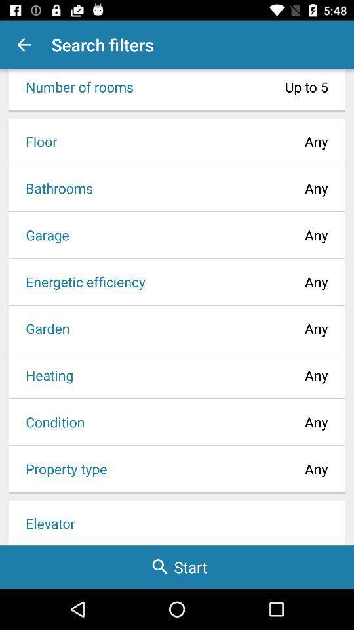 This screenshot has height=630, width=354. What do you see at coordinates (45, 375) in the screenshot?
I see `heating icon` at bounding box center [45, 375].